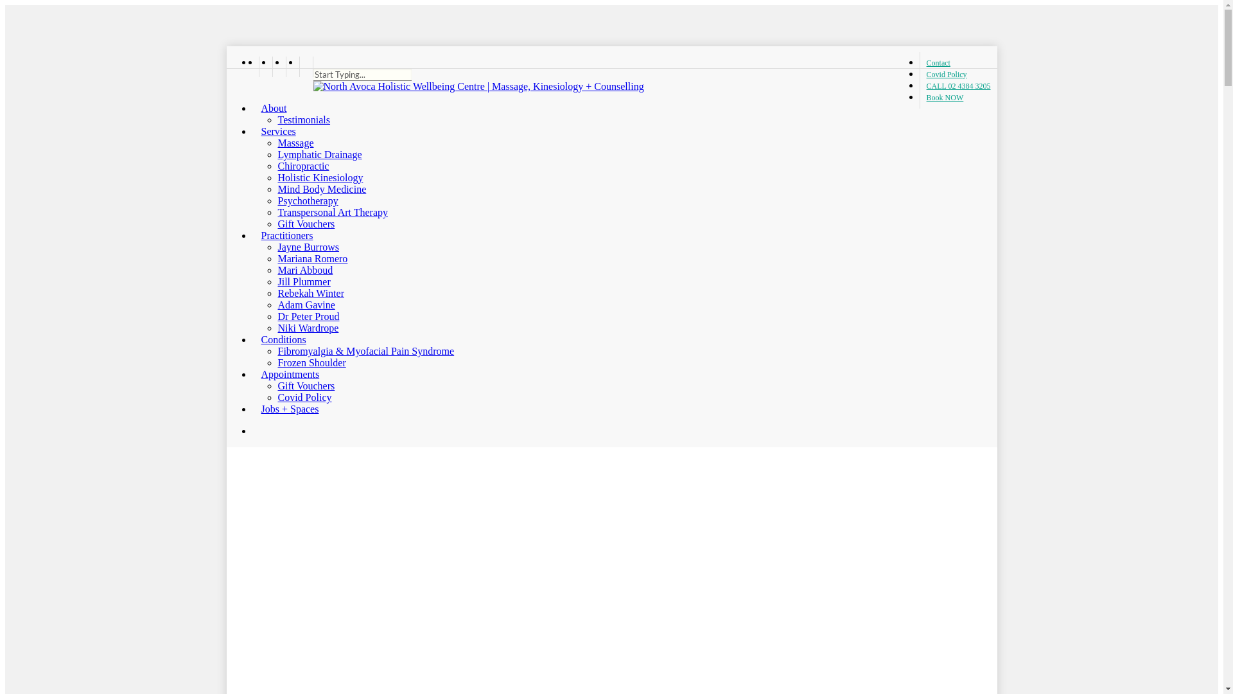 This screenshot has height=694, width=1233. Describe the element at coordinates (277, 120) in the screenshot. I see `'Testimonials'` at that location.